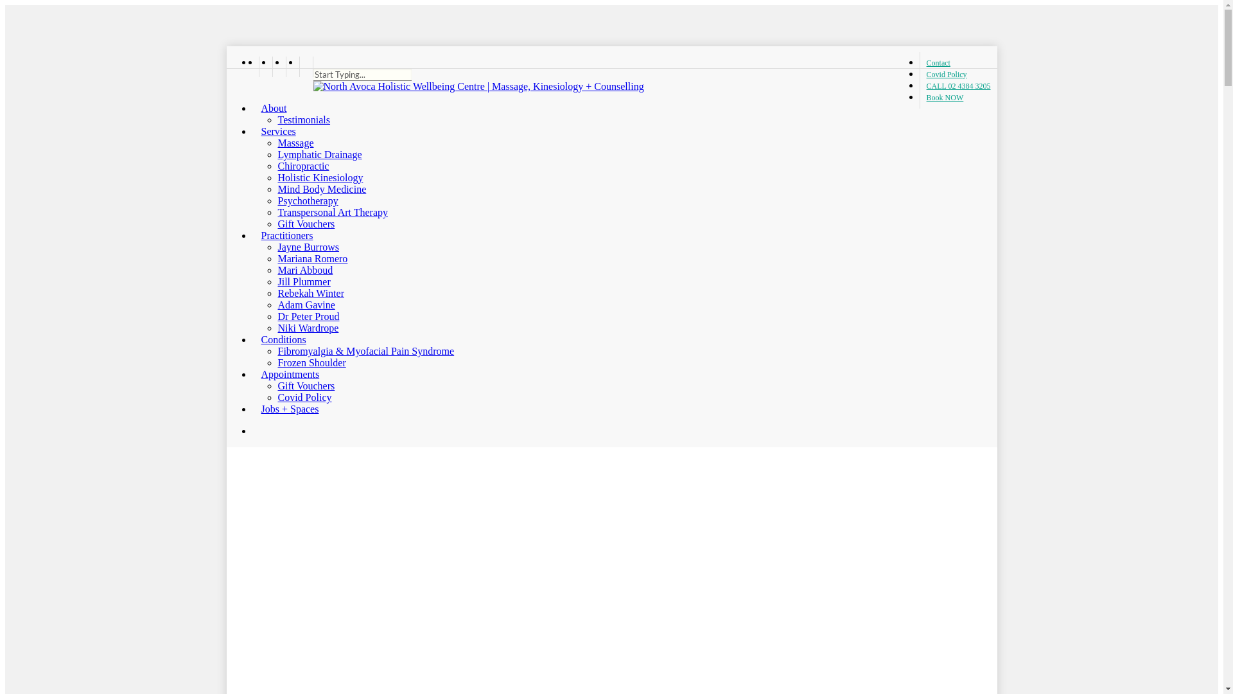 This screenshot has height=694, width=1233. Describe the element at coordinates (277, 120) in the screenshot. I see `'Testimonials'` at that location.